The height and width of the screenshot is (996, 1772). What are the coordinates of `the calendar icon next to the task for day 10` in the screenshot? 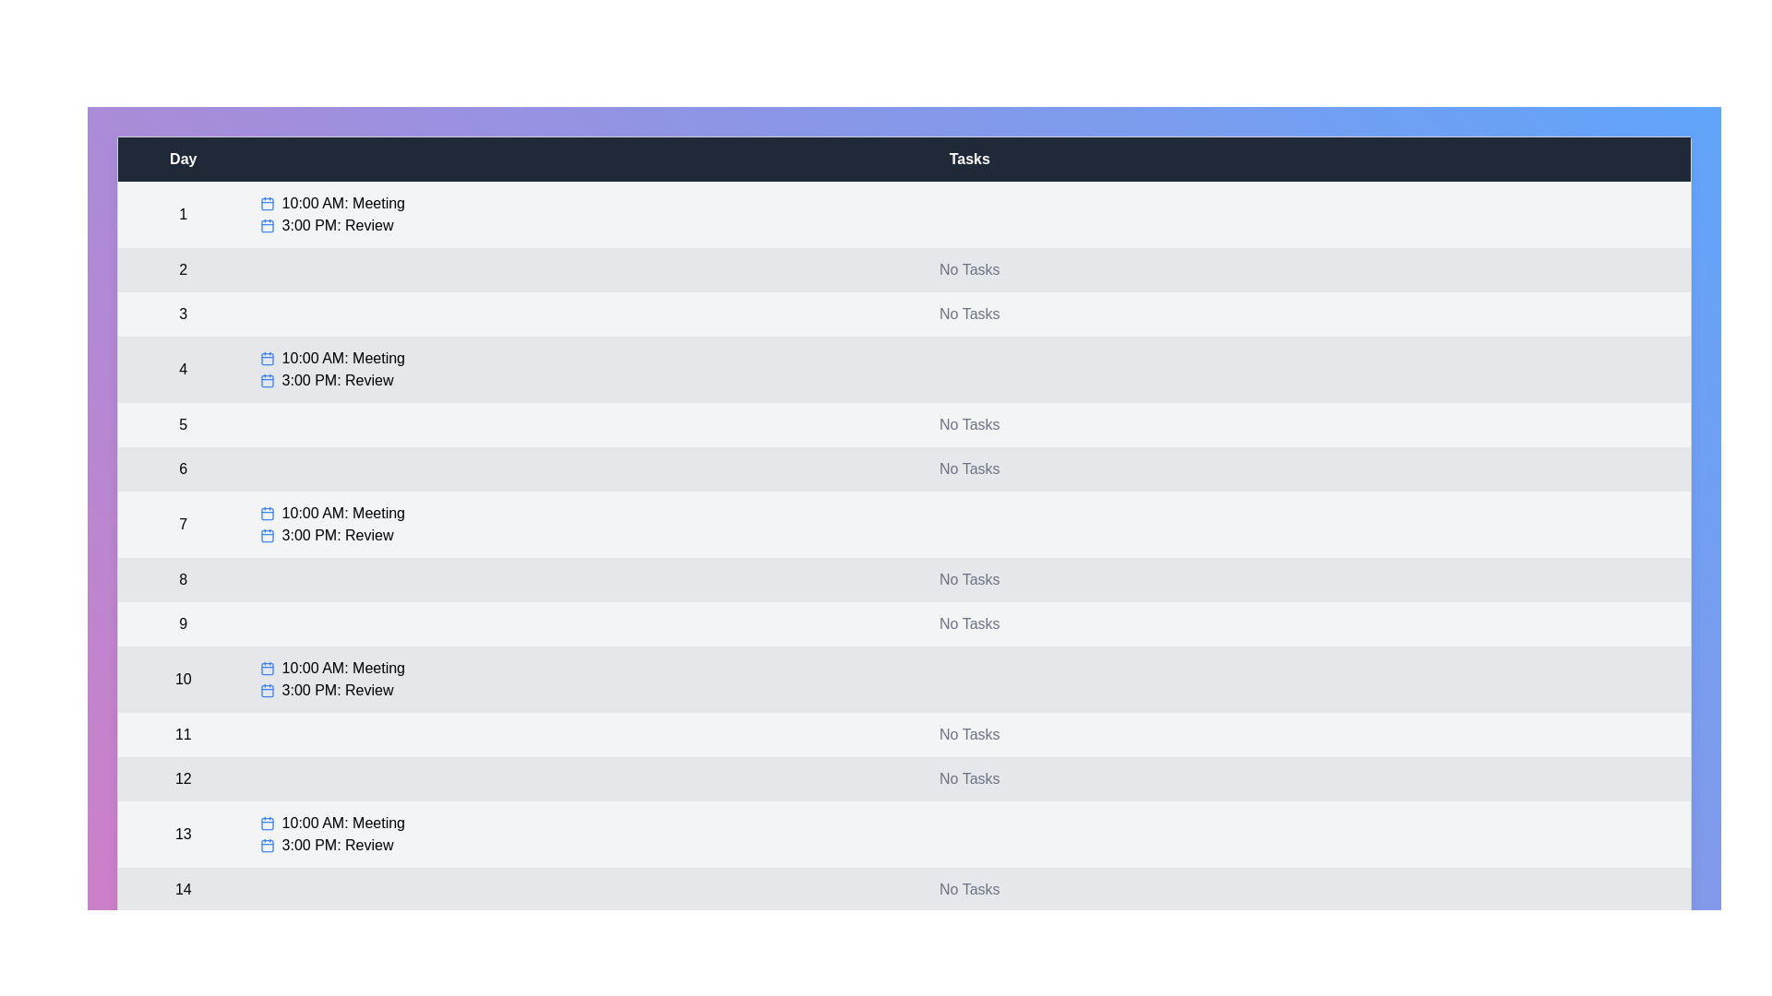 It's located at (265, 669).